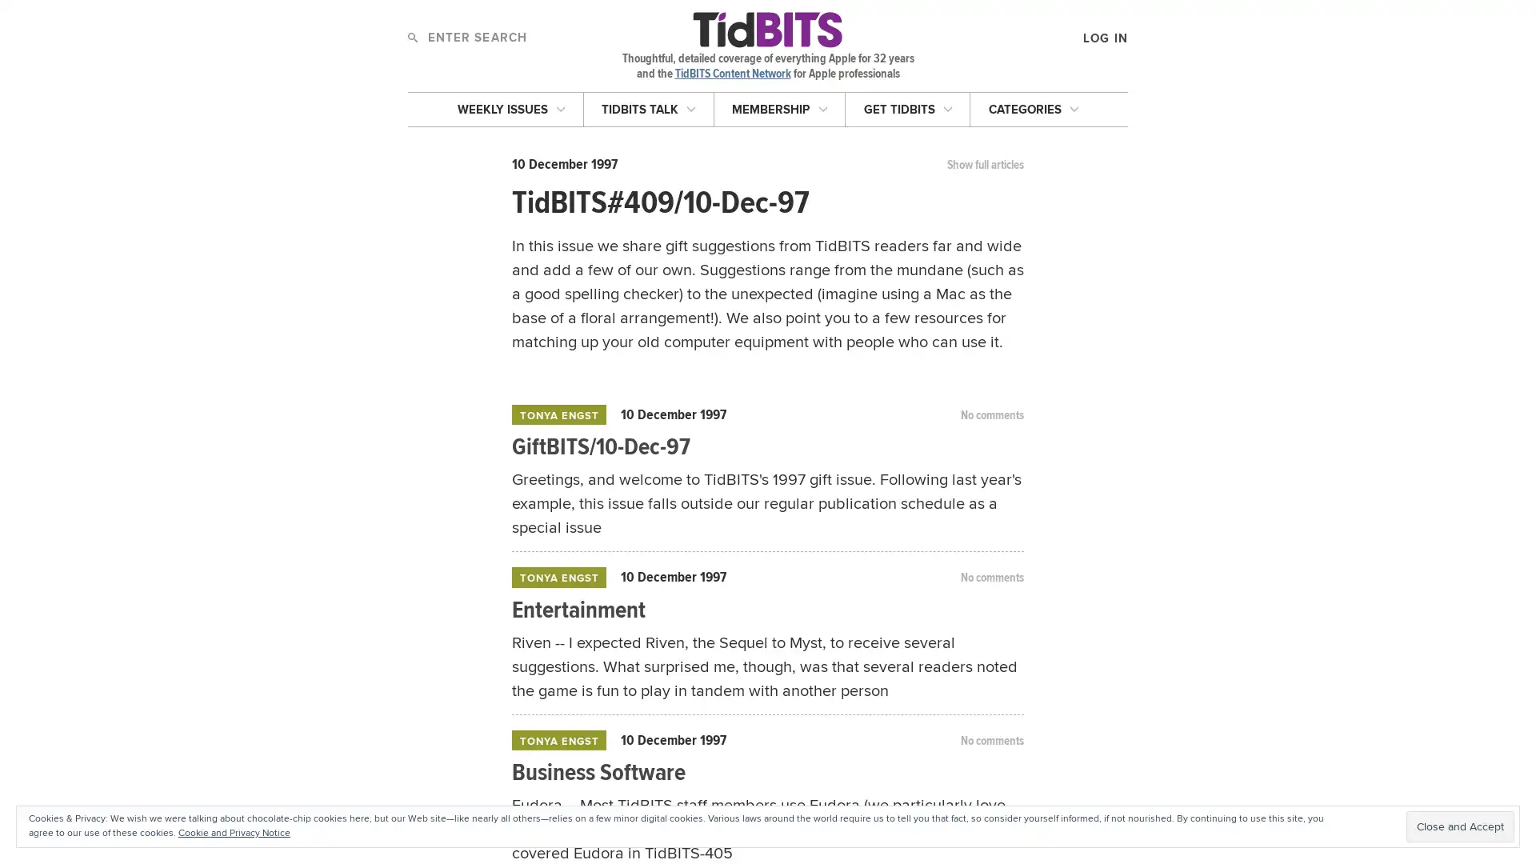  What do you see at coordinates (1031, 126) in the screenshot?
I see `LOG IN` at bounding box center [1031, 126].